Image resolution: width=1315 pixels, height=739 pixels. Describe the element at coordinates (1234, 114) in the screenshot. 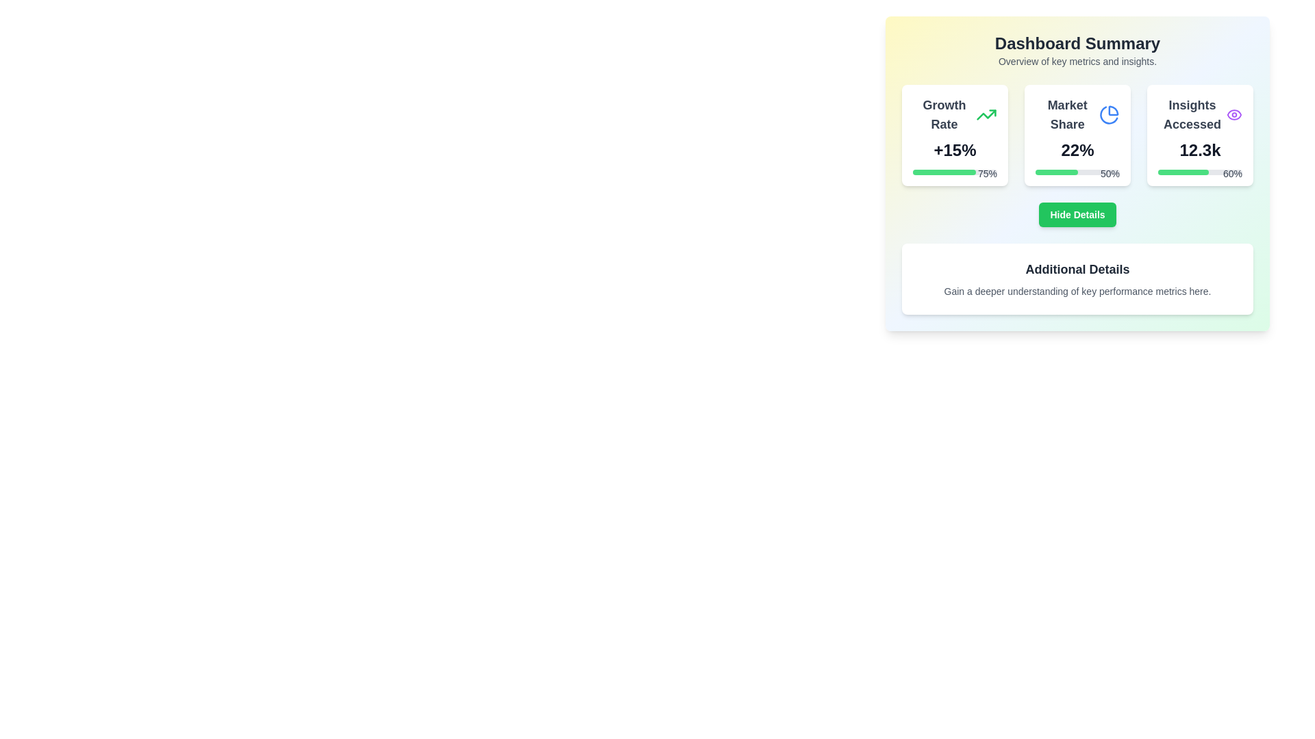

I see `the icon located to the far right within the card labeled 'Insights Accessed', positioned horizontally to the right of the text '12.3k'` at that location.